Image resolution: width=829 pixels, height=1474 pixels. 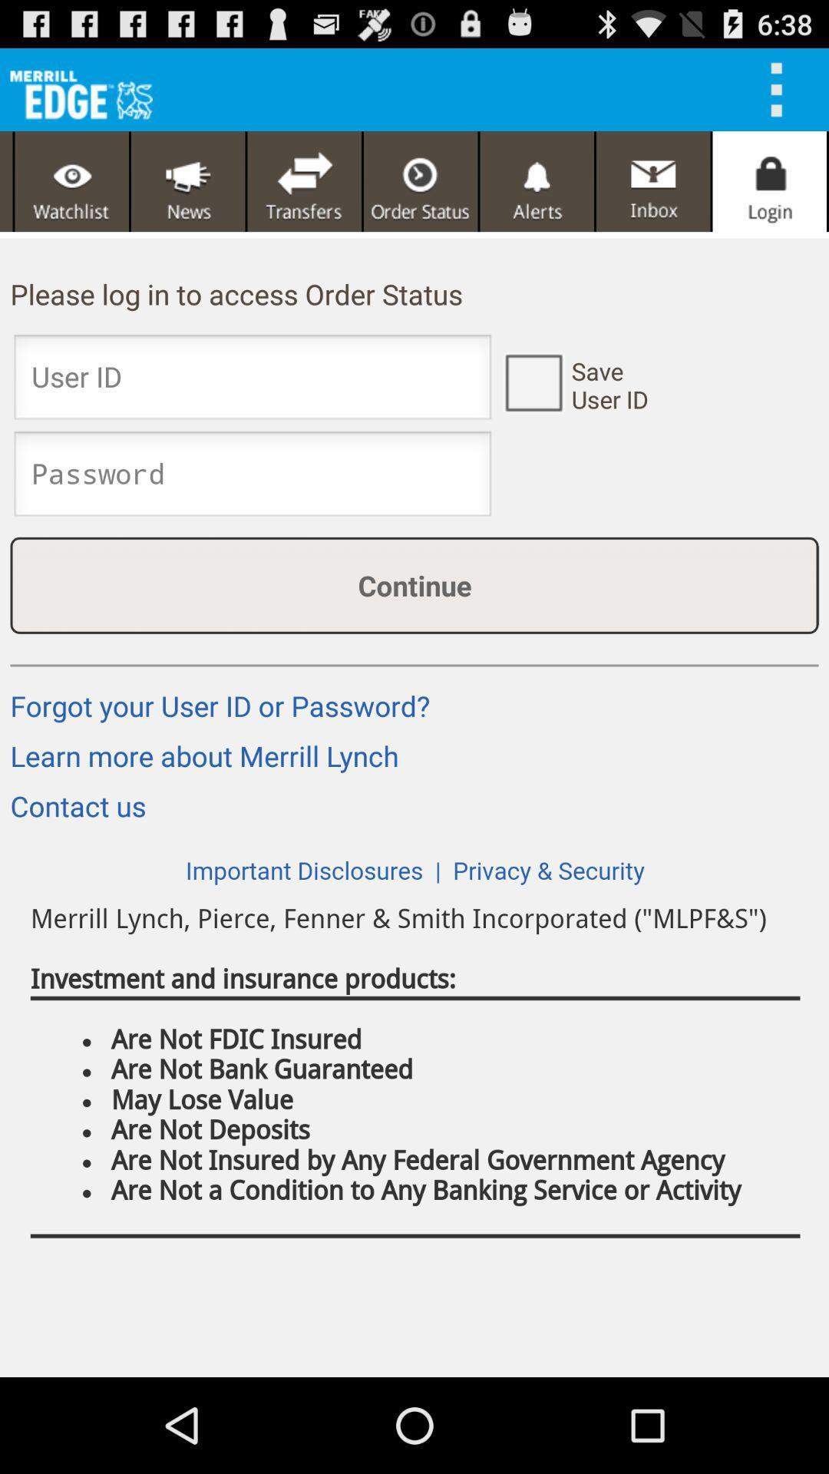 I want to click on the more icon, so click(x=781, y=95).